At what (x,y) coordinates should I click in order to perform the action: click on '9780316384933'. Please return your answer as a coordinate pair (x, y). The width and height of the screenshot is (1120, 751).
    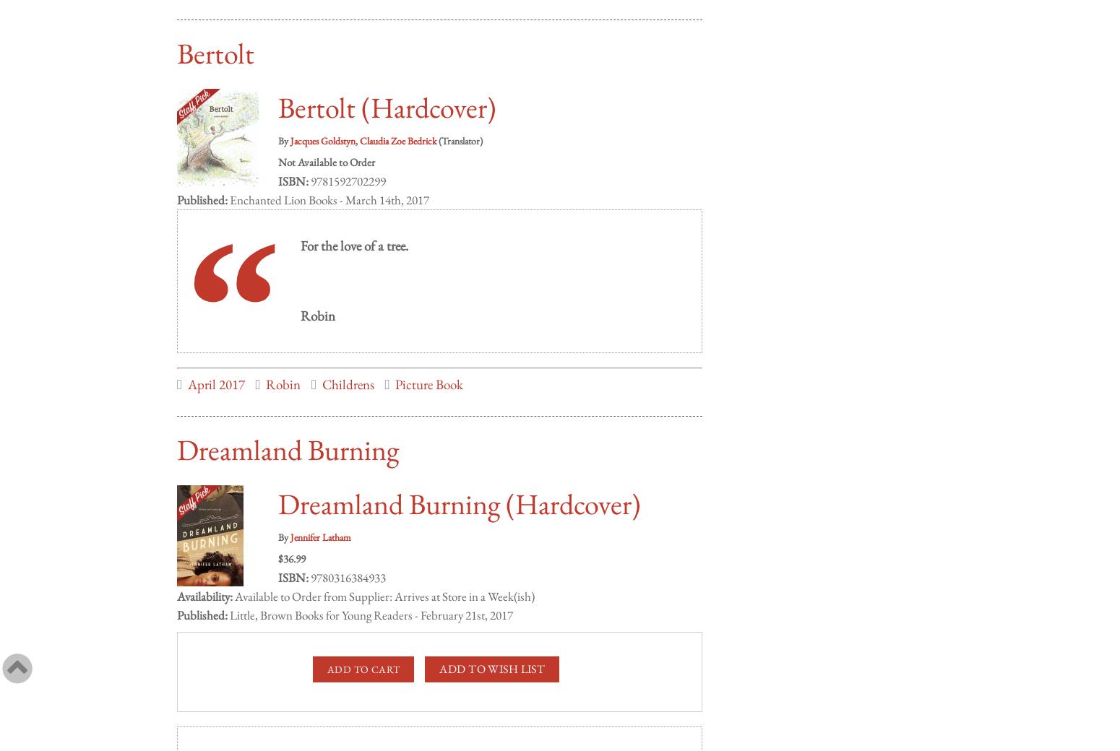
    Looking at the image, I should click on (346, 563).